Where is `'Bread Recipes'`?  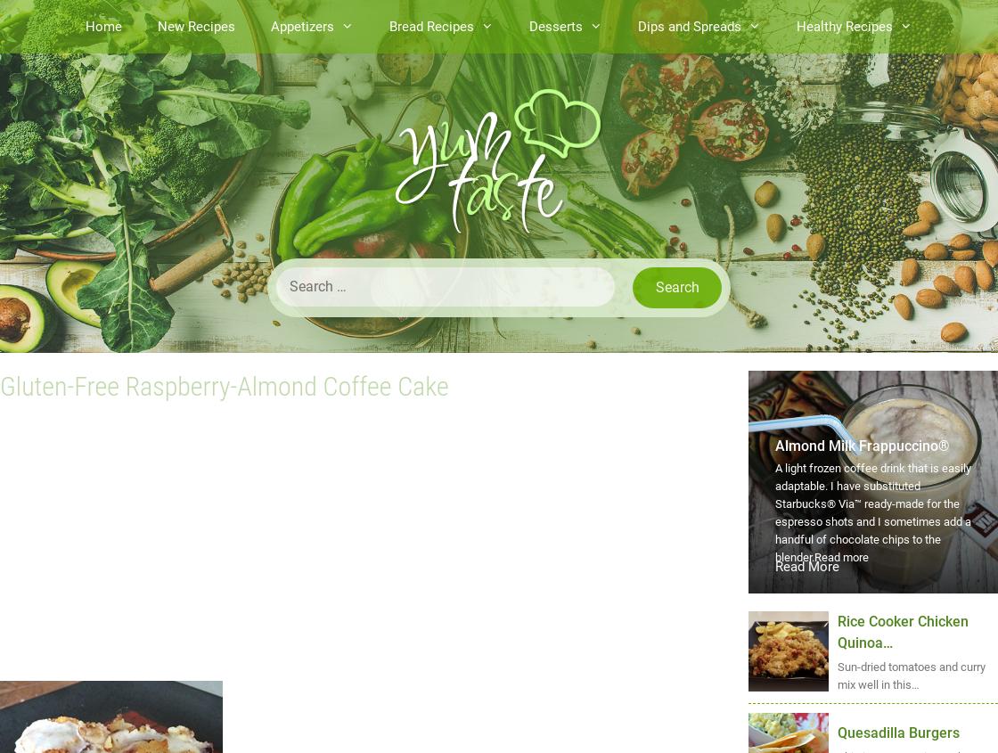
'Bread Recipes' is located at coordinates (431, 25).